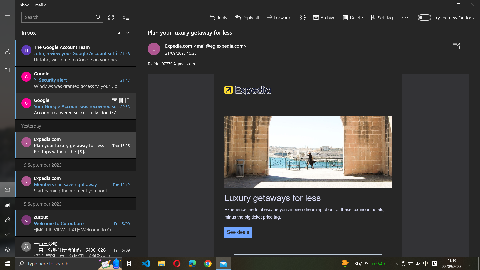  I want to click on View all mails, so click(124, 33).